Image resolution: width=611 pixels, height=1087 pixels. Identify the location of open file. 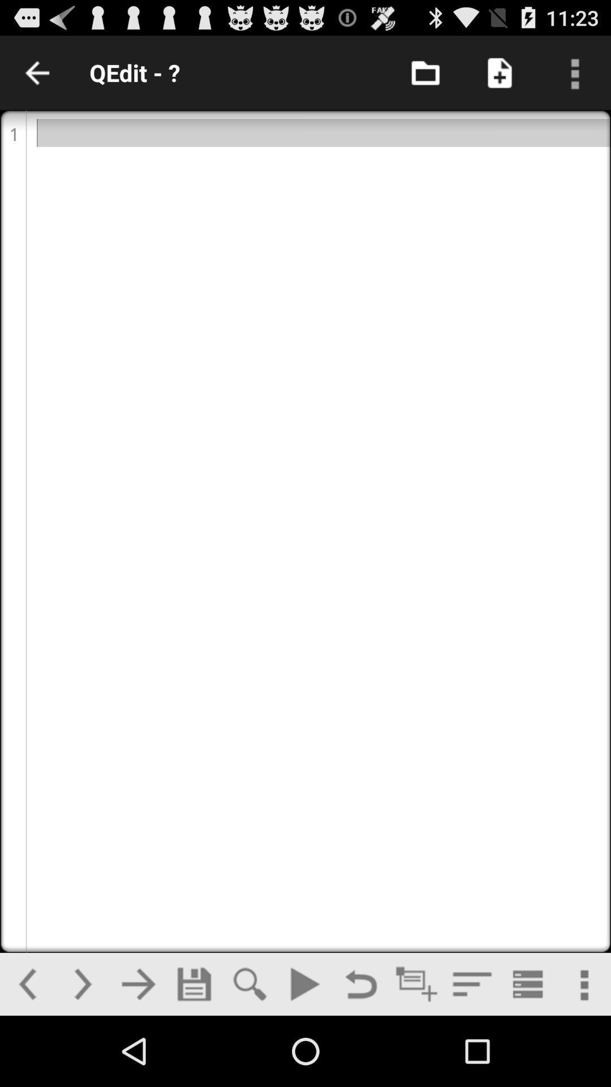
(425, 72).